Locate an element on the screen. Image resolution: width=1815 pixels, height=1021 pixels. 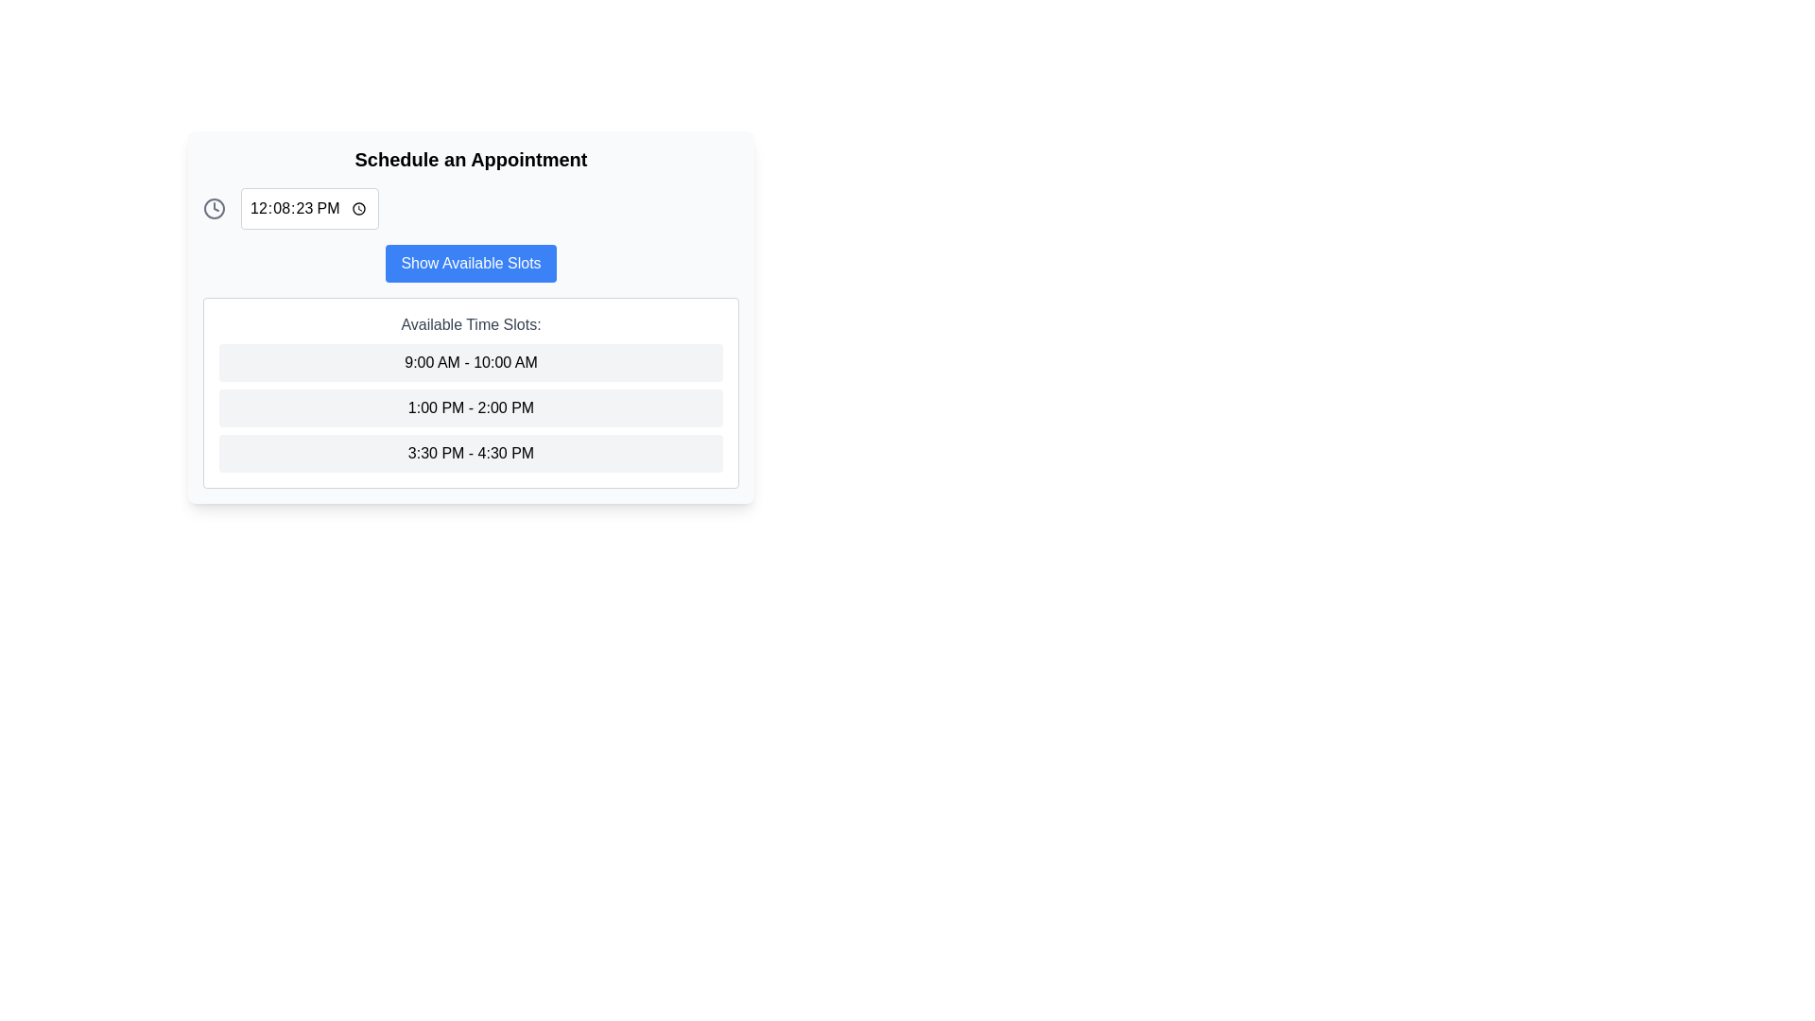
the informational panel displaying available time slots for scheduling, which is located below the 'Show Available Slots' button in the 'Schedule an Appointment' panel is located at coordinates (471, 392).